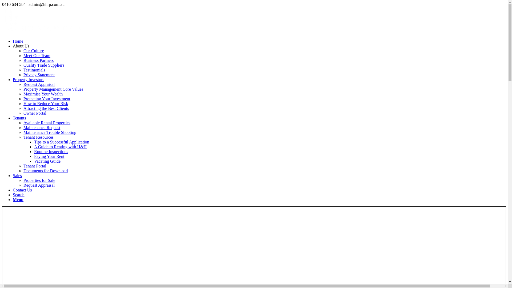 This screenshot has height=288, width=512. What do you see at coordinates (34, 161) in the screenshot?
I see `'Vacating Guide'` at bounding box center [34, 161].